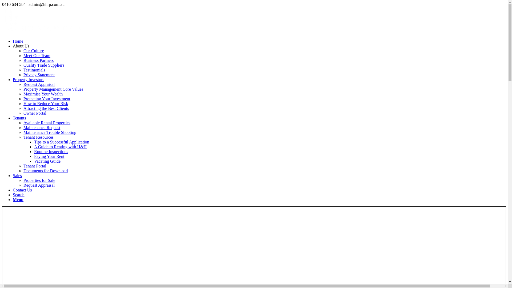 This screenshot has height=288, width=512. What do you see at coordinates (34, 161) in the screenshot?
I see `'Vacating Guide'` at bounding box center [34, 161].